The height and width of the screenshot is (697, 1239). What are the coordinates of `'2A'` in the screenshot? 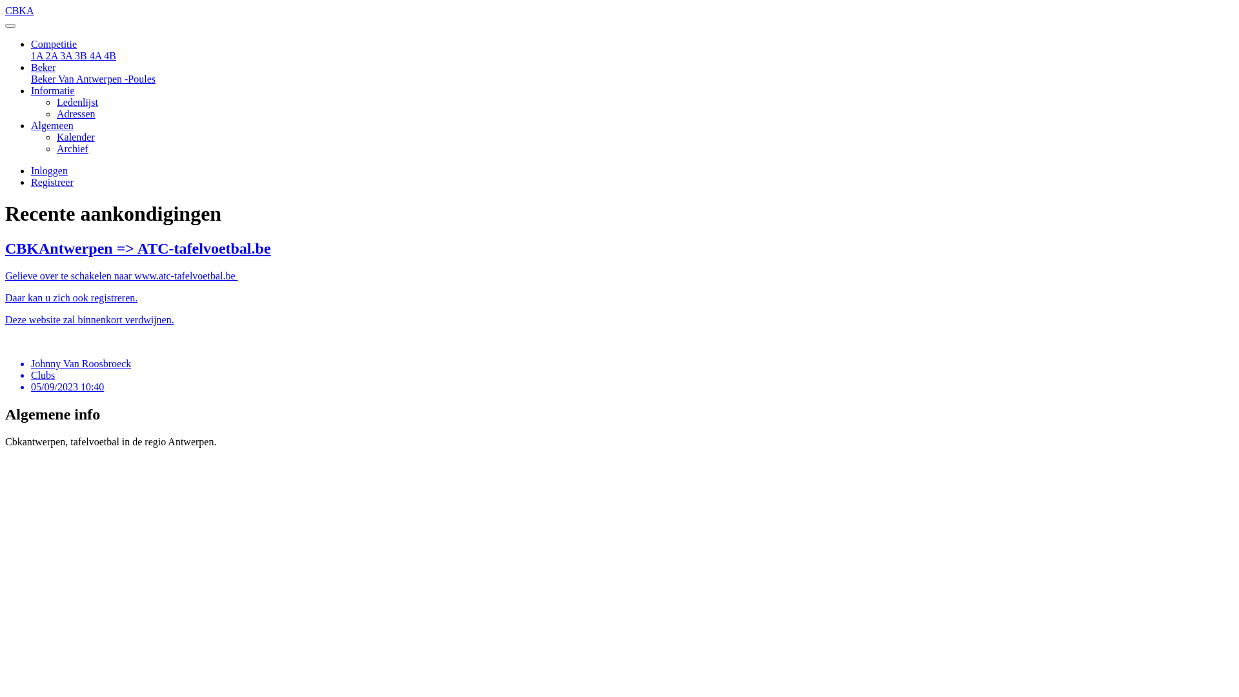 It's located at (52, 55).